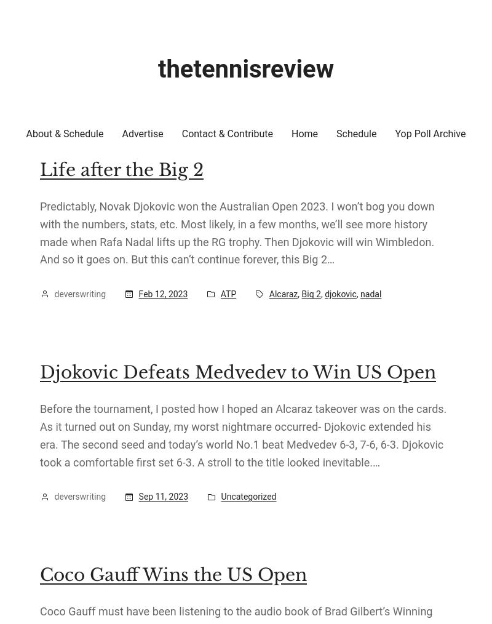  What do you see at coordinates (301, 294) in the screenshot?
I see `'Big 2'` at bounding box center [301, 294].